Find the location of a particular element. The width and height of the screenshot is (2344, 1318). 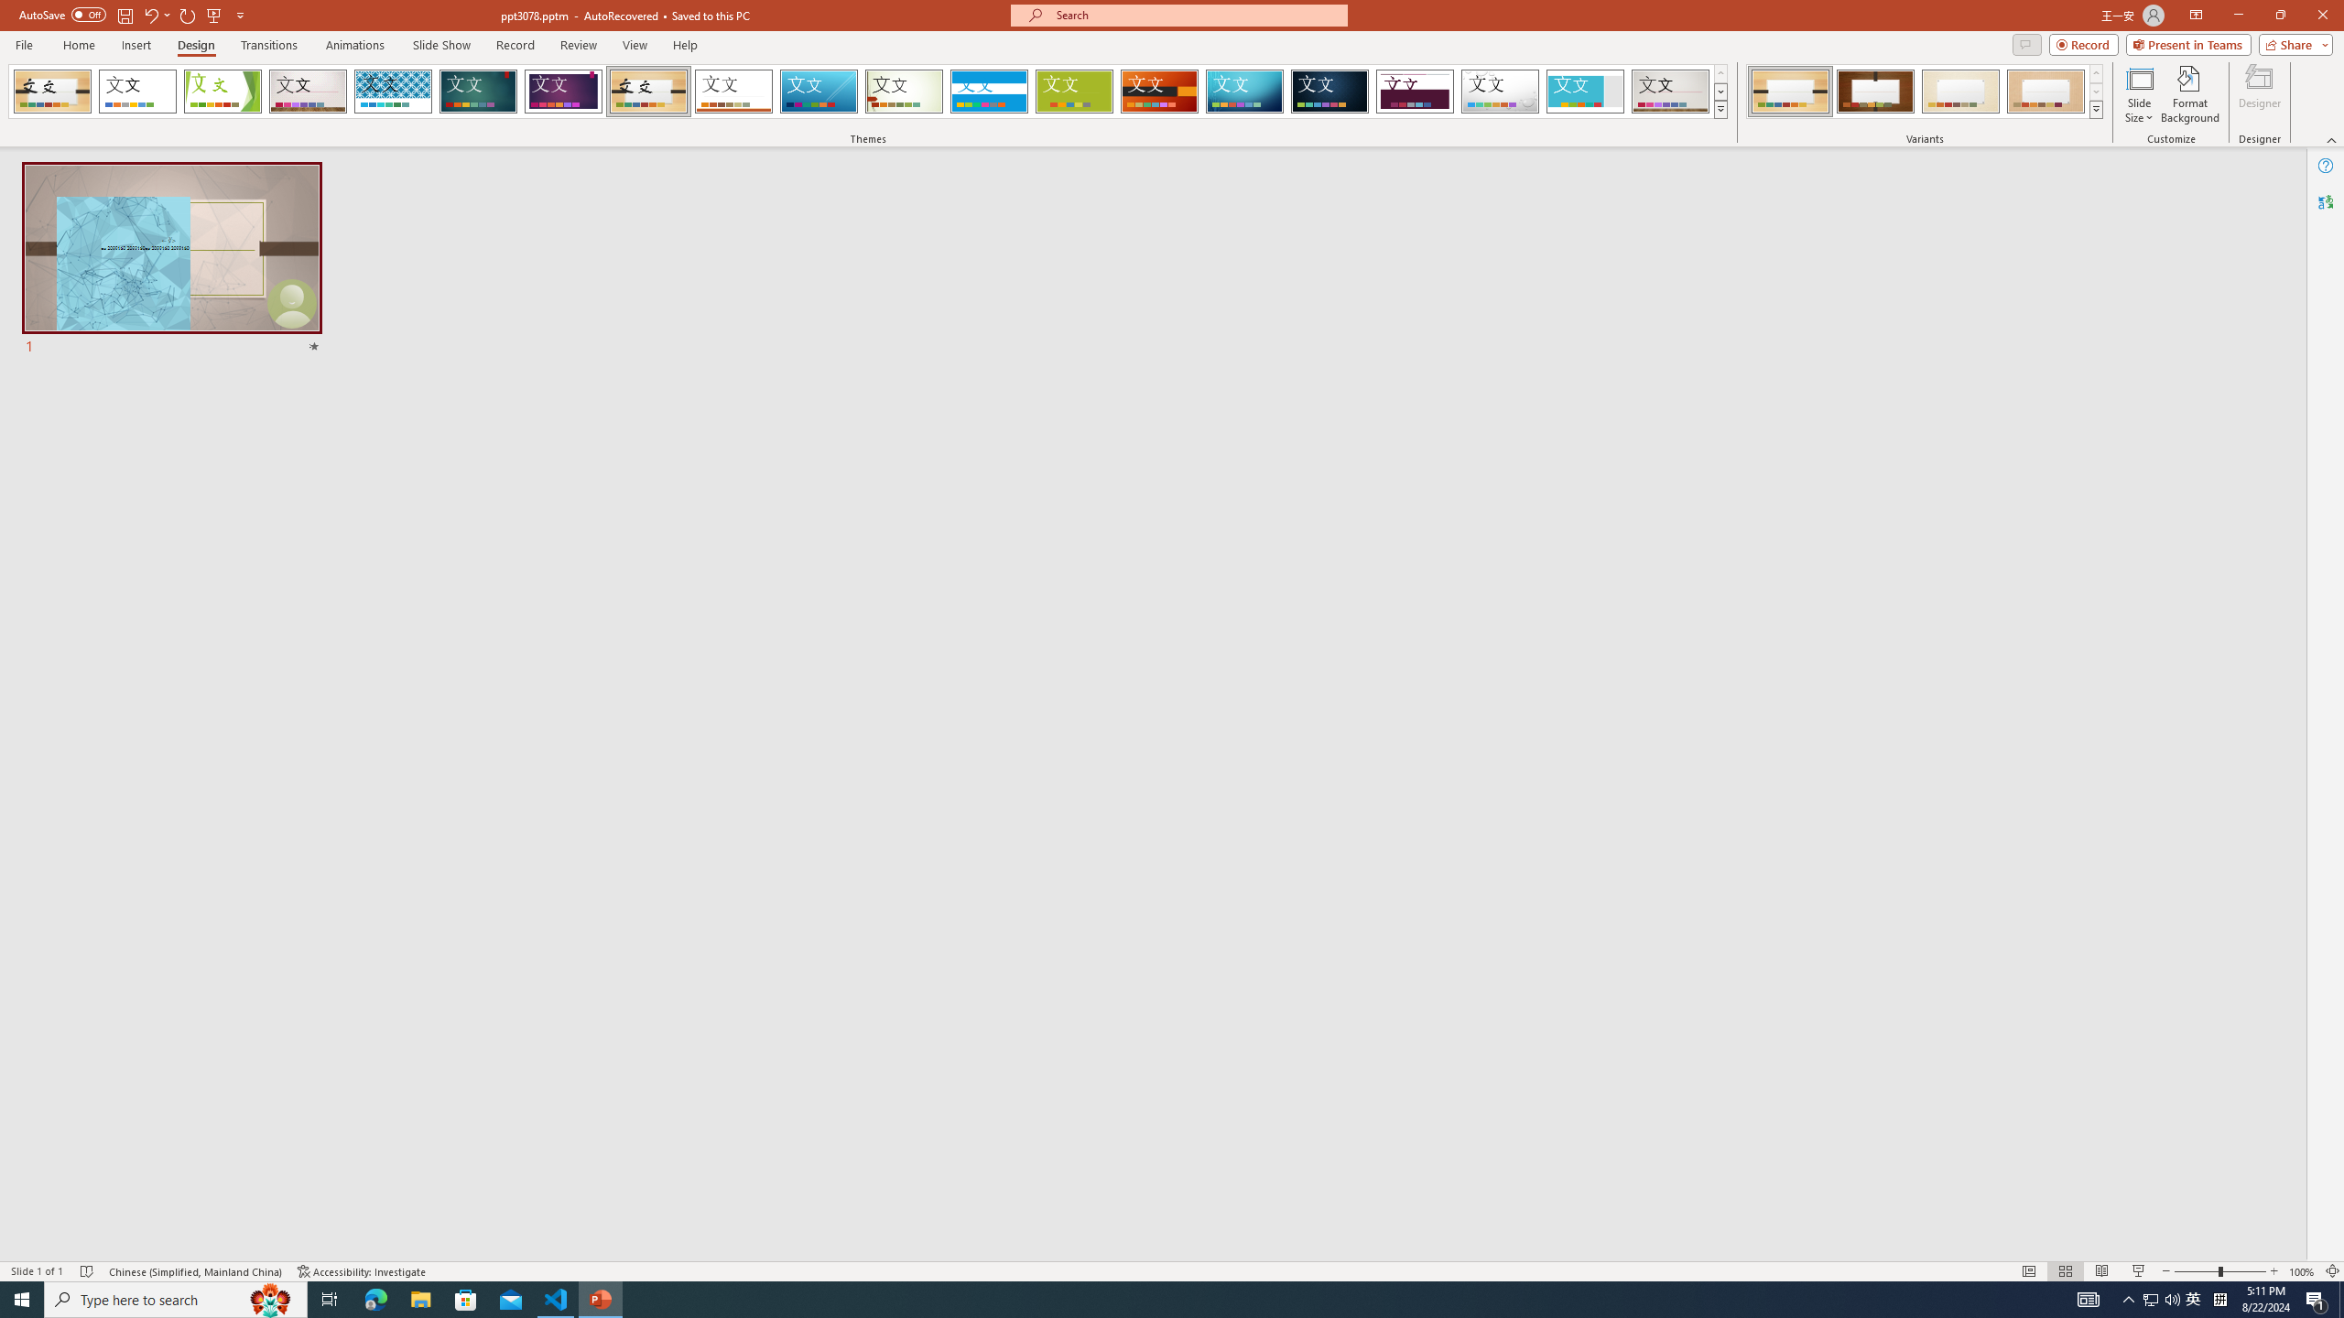

'Organic Variant 3' is located at coordinates (1959, 91).